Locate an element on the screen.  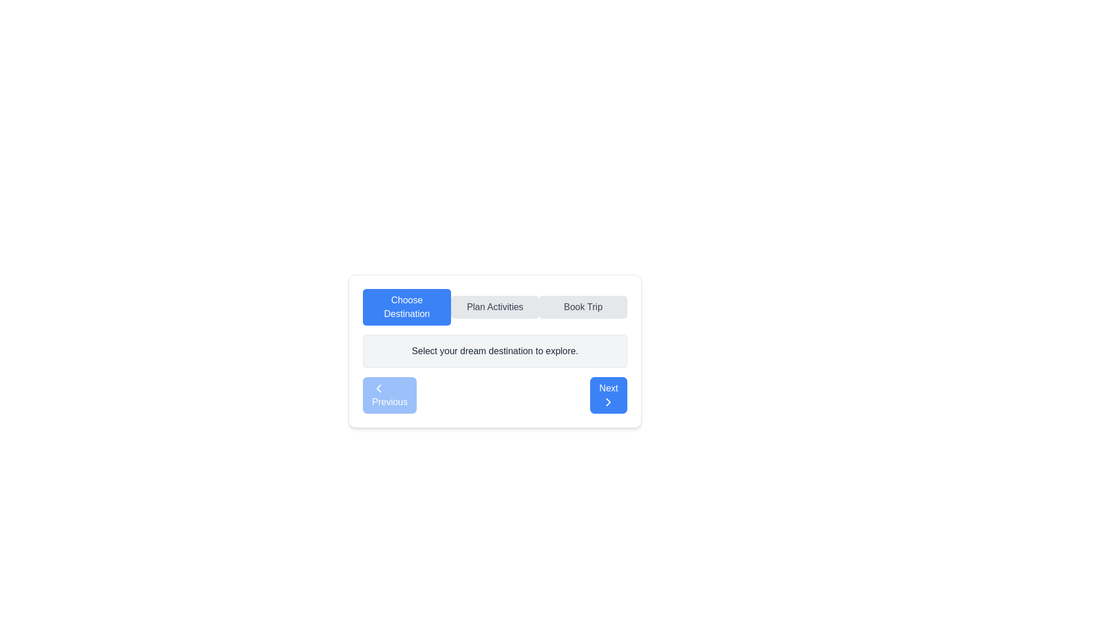
the button group consisting of three buttons: 'Choose Destination' (blue background, white text), 'Plan Activities' (light gray background, dark gray text), and 'Book Trip' (light gray background, dark gray text) is located at coordinates (495, 306).